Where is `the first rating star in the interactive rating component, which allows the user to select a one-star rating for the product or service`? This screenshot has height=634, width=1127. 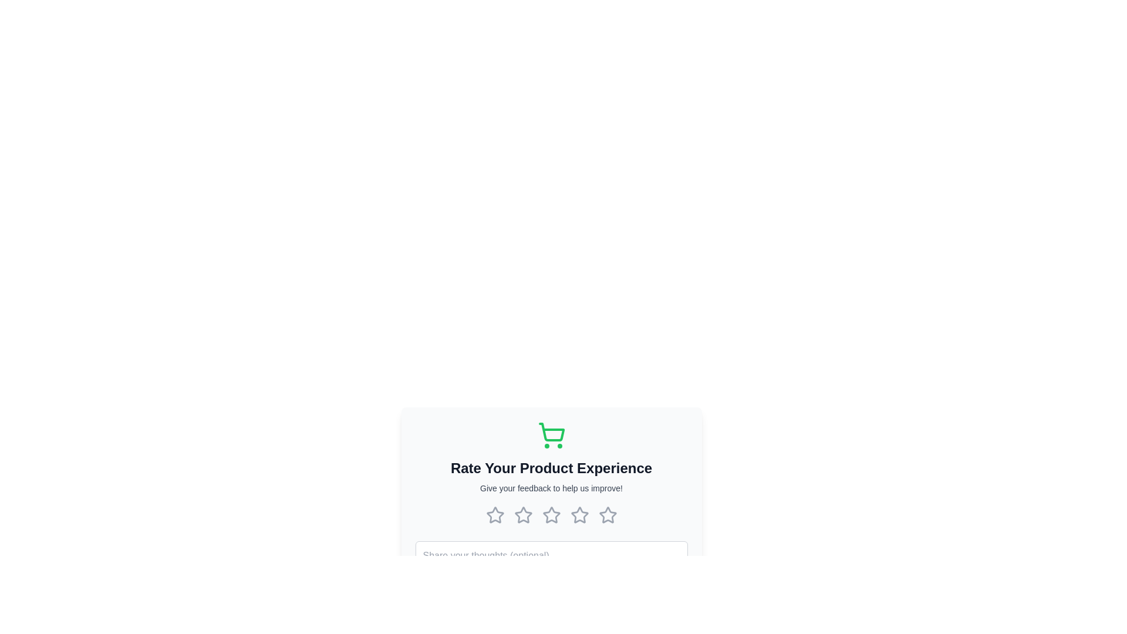
the first rating star in the interactive rating component, which allows the user to select a one-star rating for the product or service is located at coordinates (495, 515).